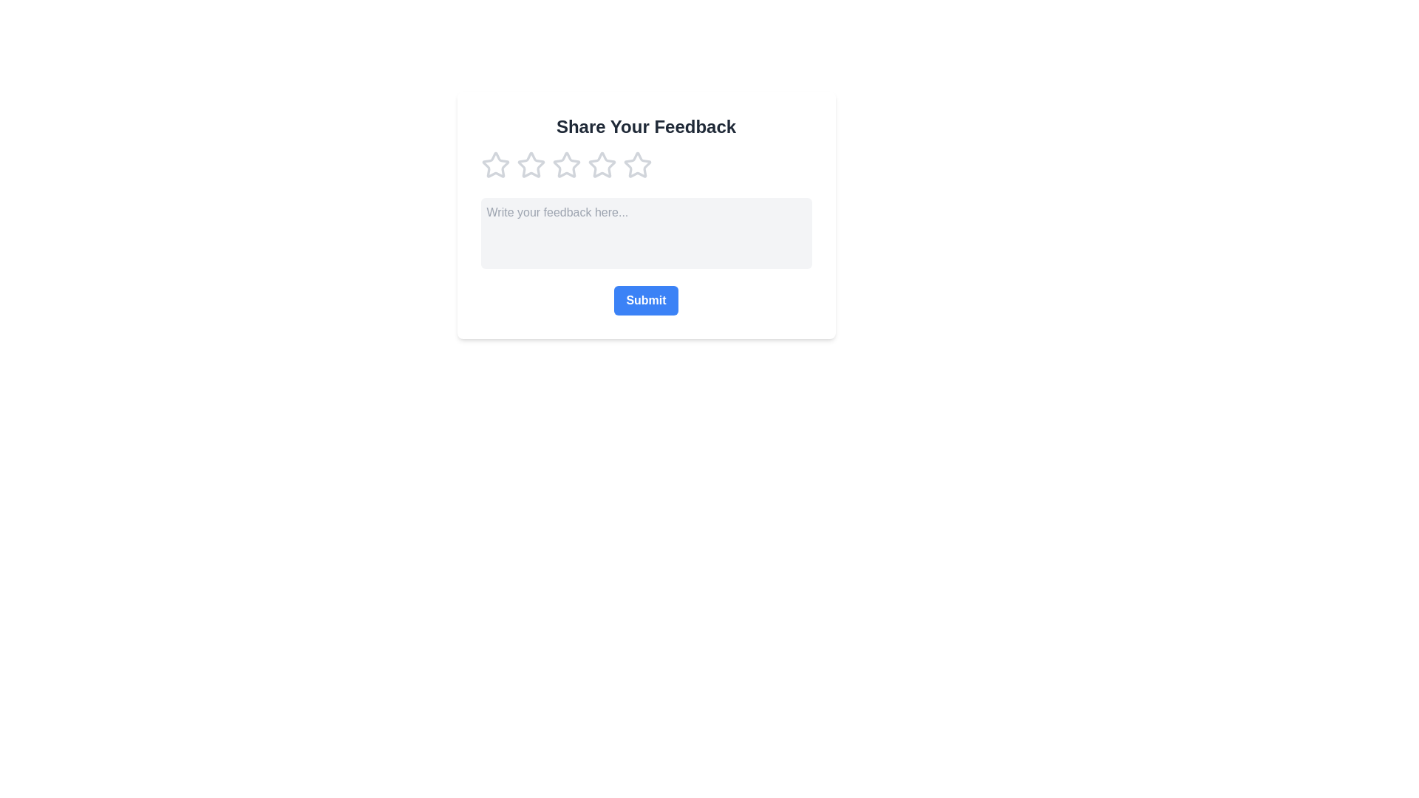 Image resolution: width=1419 pixels, height=798 pixels. Describe the element at coordinates (602, 165) in the screenshot. I see `the rating to 4 by clicking on the corresponding star` at that location.